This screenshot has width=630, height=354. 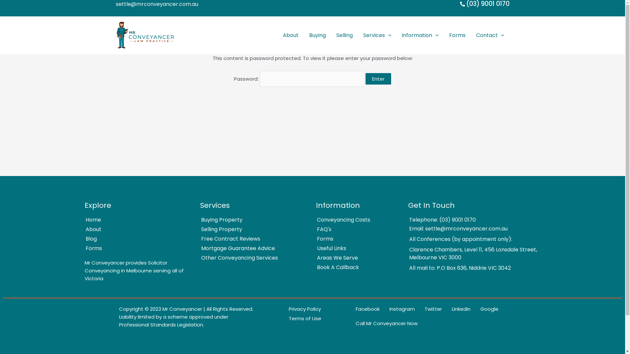 I want to click on 'Useful Links', so click(x=354, y=248).